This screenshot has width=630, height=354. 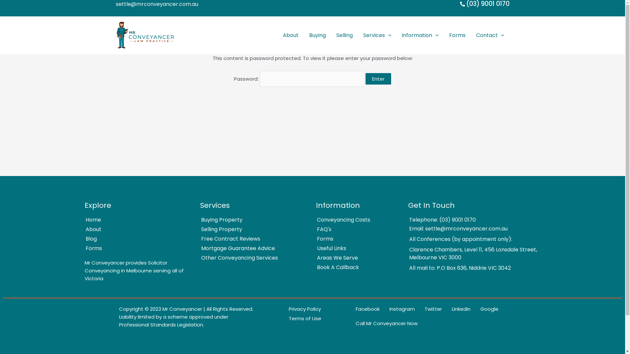 I want to click on 'Useful Links', so click(x=354, y=248).